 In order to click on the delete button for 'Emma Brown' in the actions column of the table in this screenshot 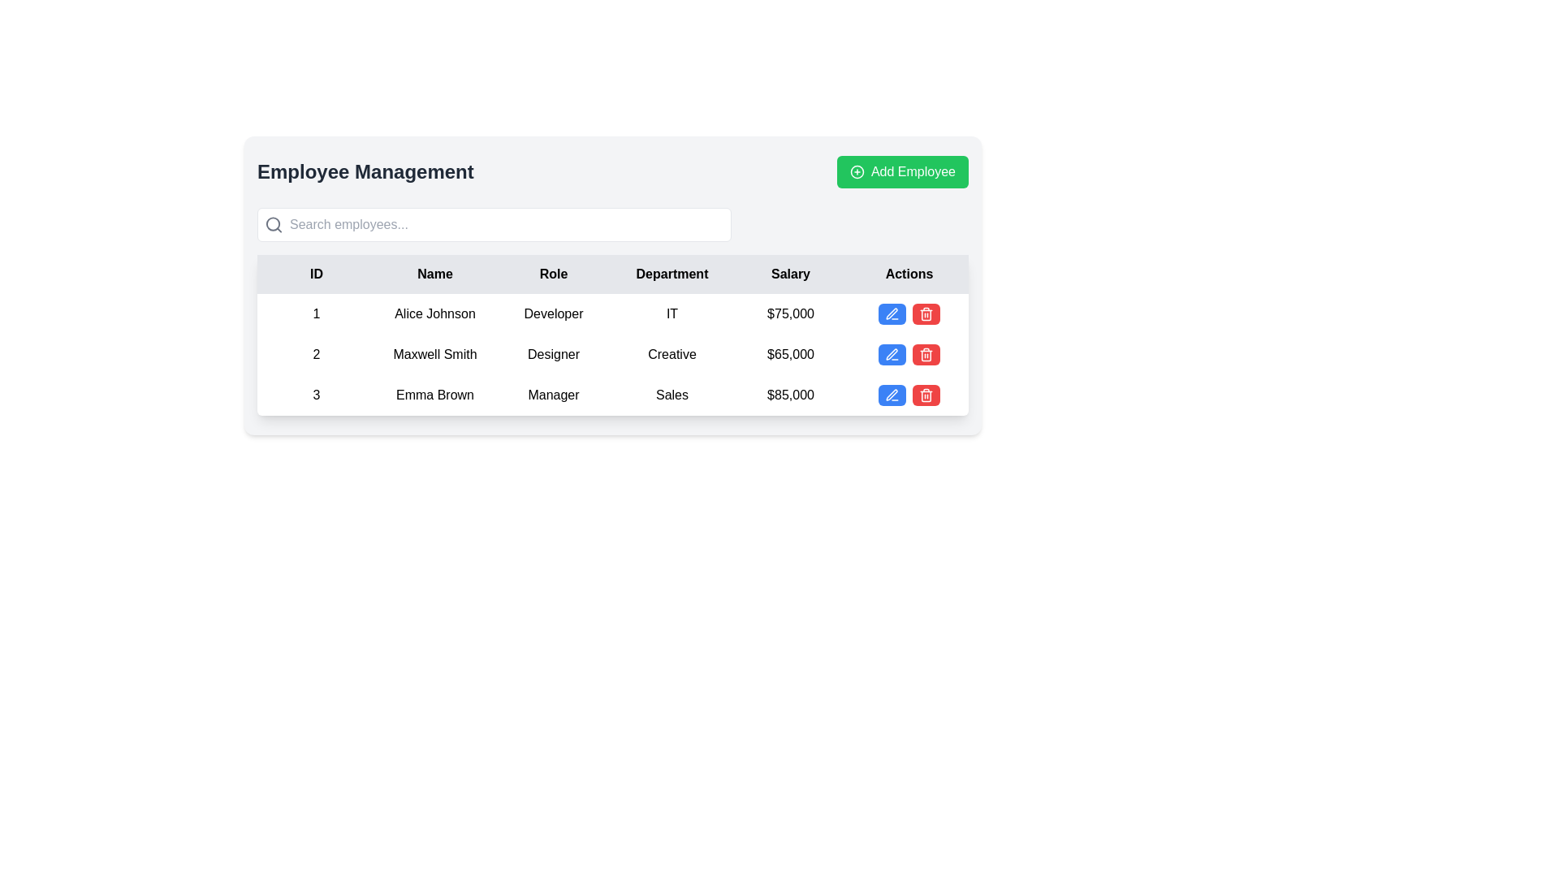, I will do `click(926, 313)`.